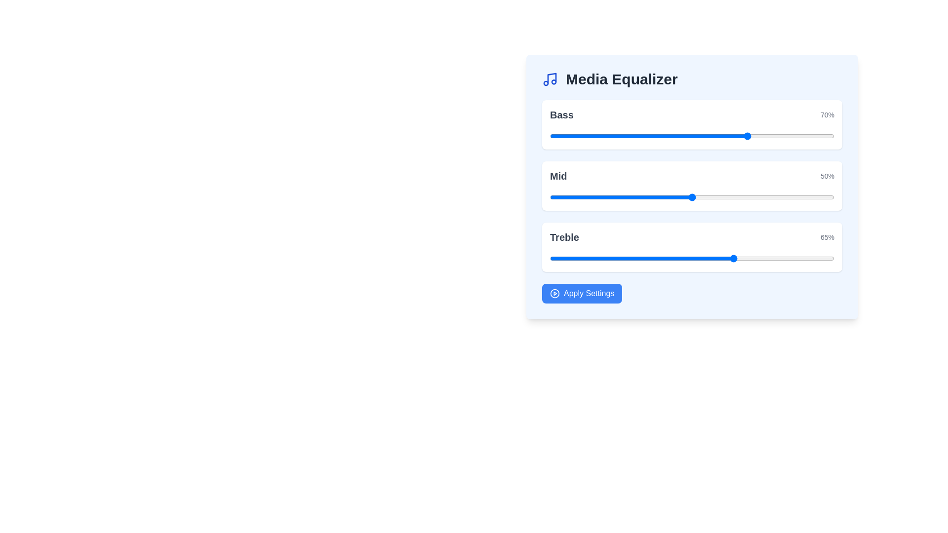 This screenshot has height=533, width=948. I want to click on treble, so click(658, 258).